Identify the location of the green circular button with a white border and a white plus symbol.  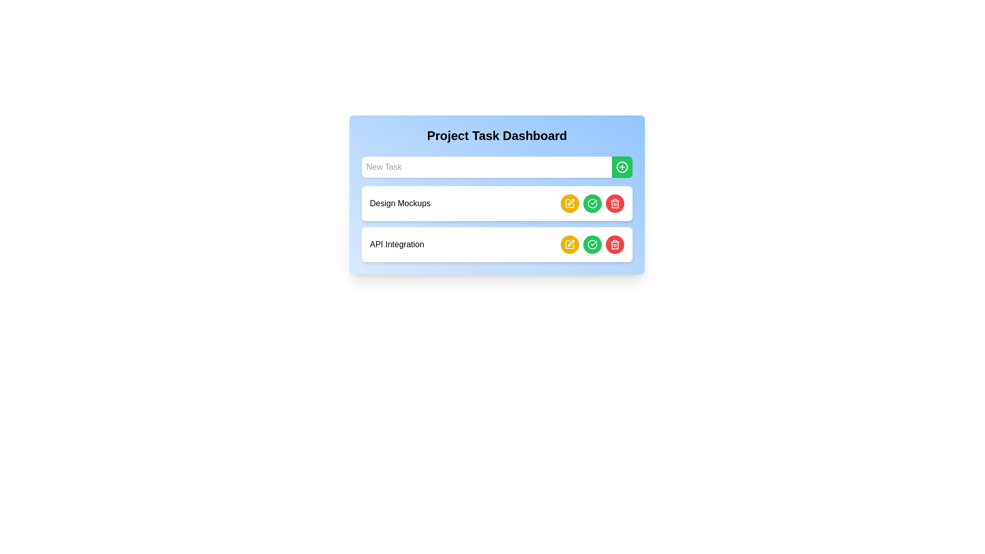
(622, 167).